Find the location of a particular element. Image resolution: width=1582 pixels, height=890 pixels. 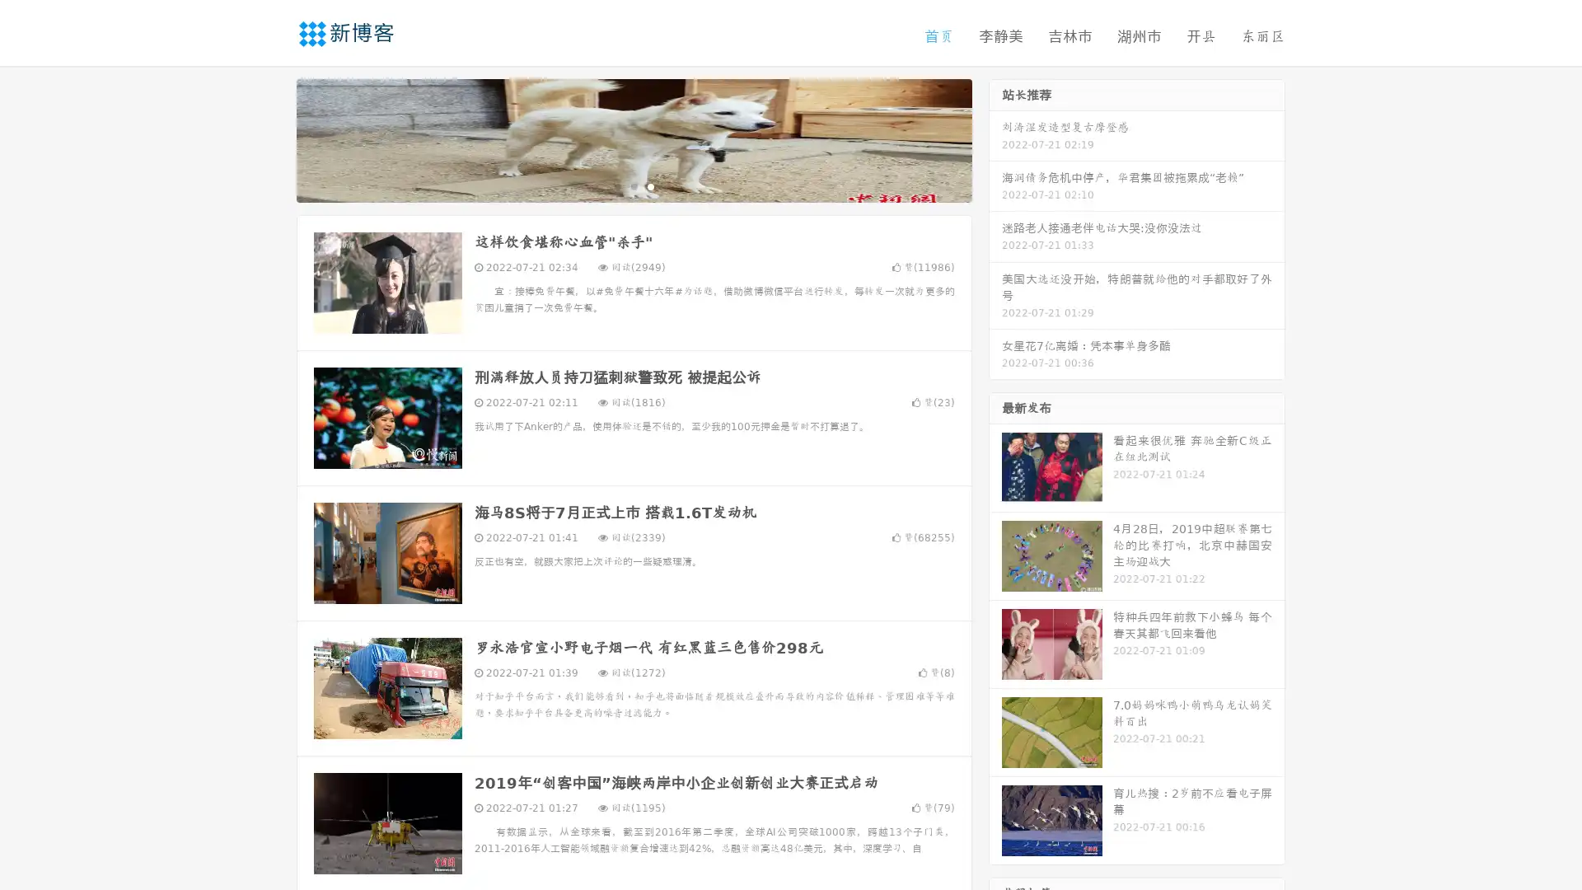

Go to slide 1 is located at coordinates (616, 185).